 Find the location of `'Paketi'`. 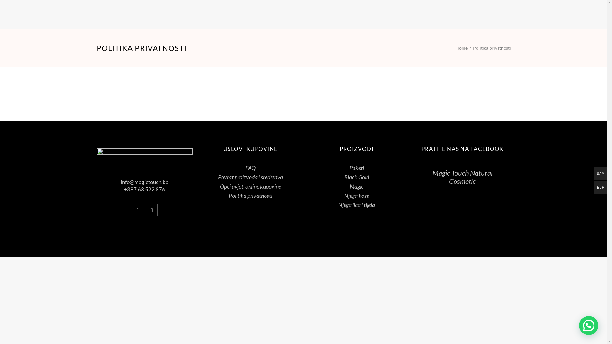

'Paketi' is located at coordinates (349, 168).